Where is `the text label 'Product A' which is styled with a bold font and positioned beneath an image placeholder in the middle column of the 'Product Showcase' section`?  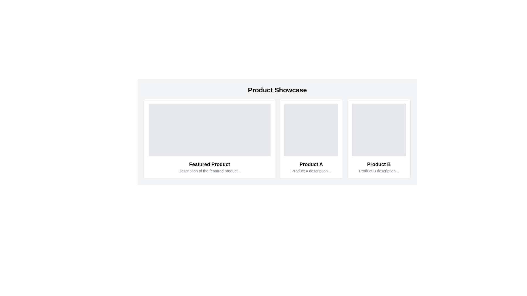 the text label 'Product A' which is styled with a bold font and positioned beneath an image placeholder in the middle column of the 'Product Showcase' section is located at coordinates (311, 164).